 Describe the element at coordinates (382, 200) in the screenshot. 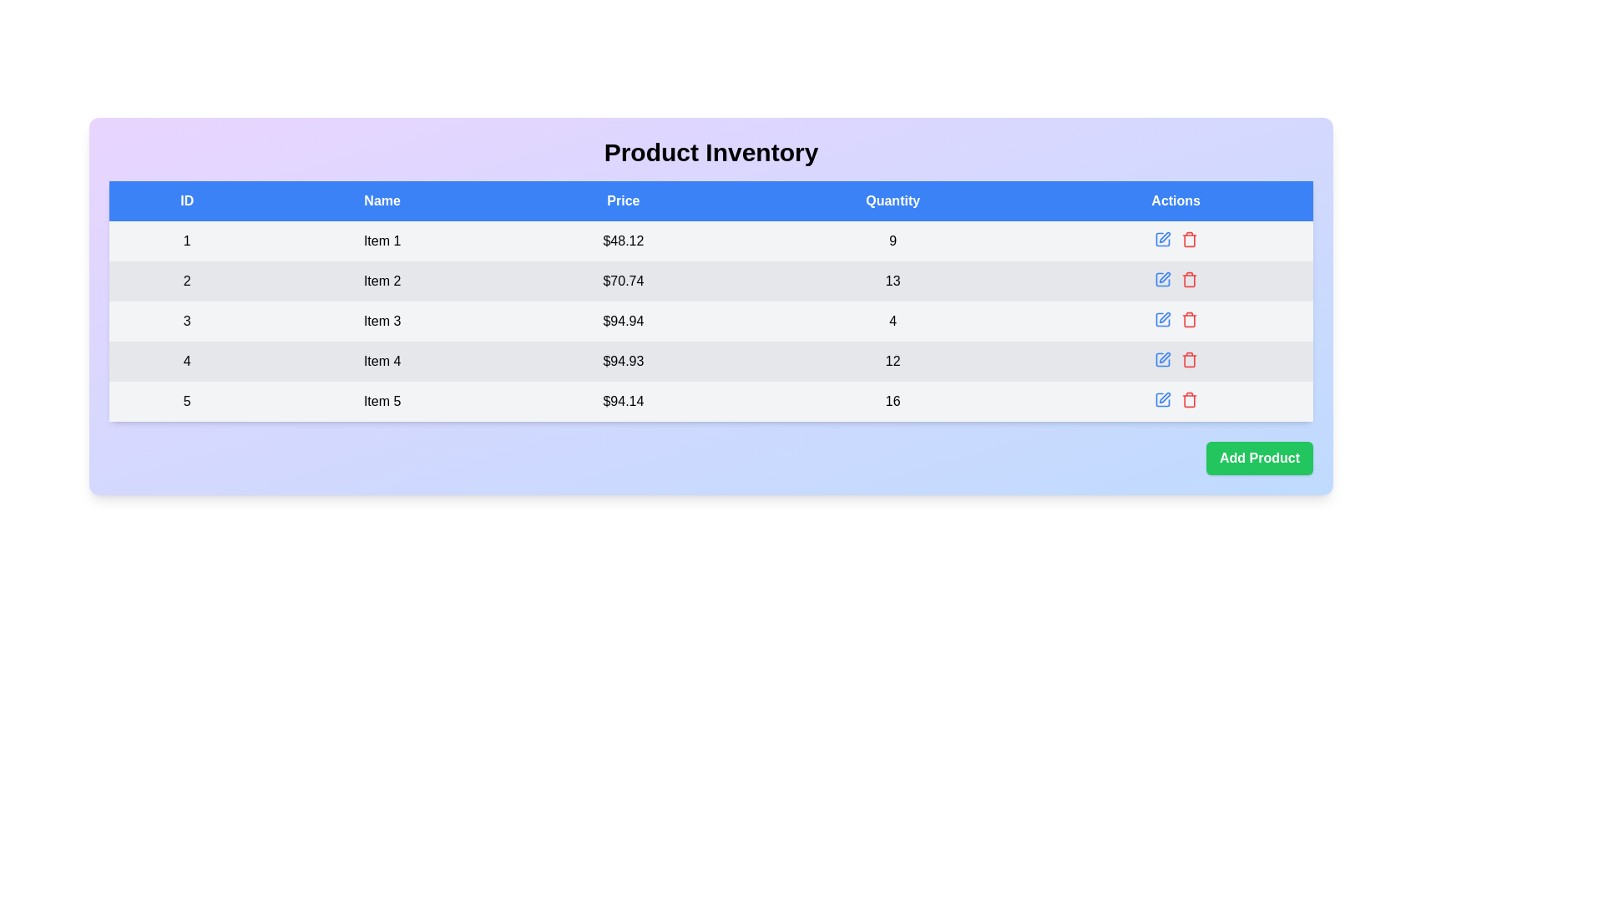

I see `the header cell for the second column of the table, which indicates the names of items, centrally aligned below the title 'Product Inventory'` at that location.